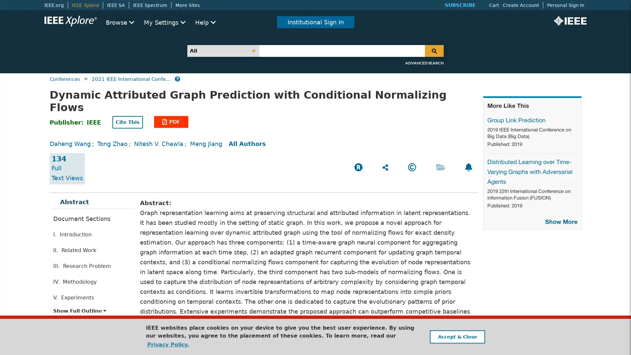  What do you see at coordinates (67, 168) in the screenshot?
I see `134 Full Text Views` at bounding box center [67, 168].